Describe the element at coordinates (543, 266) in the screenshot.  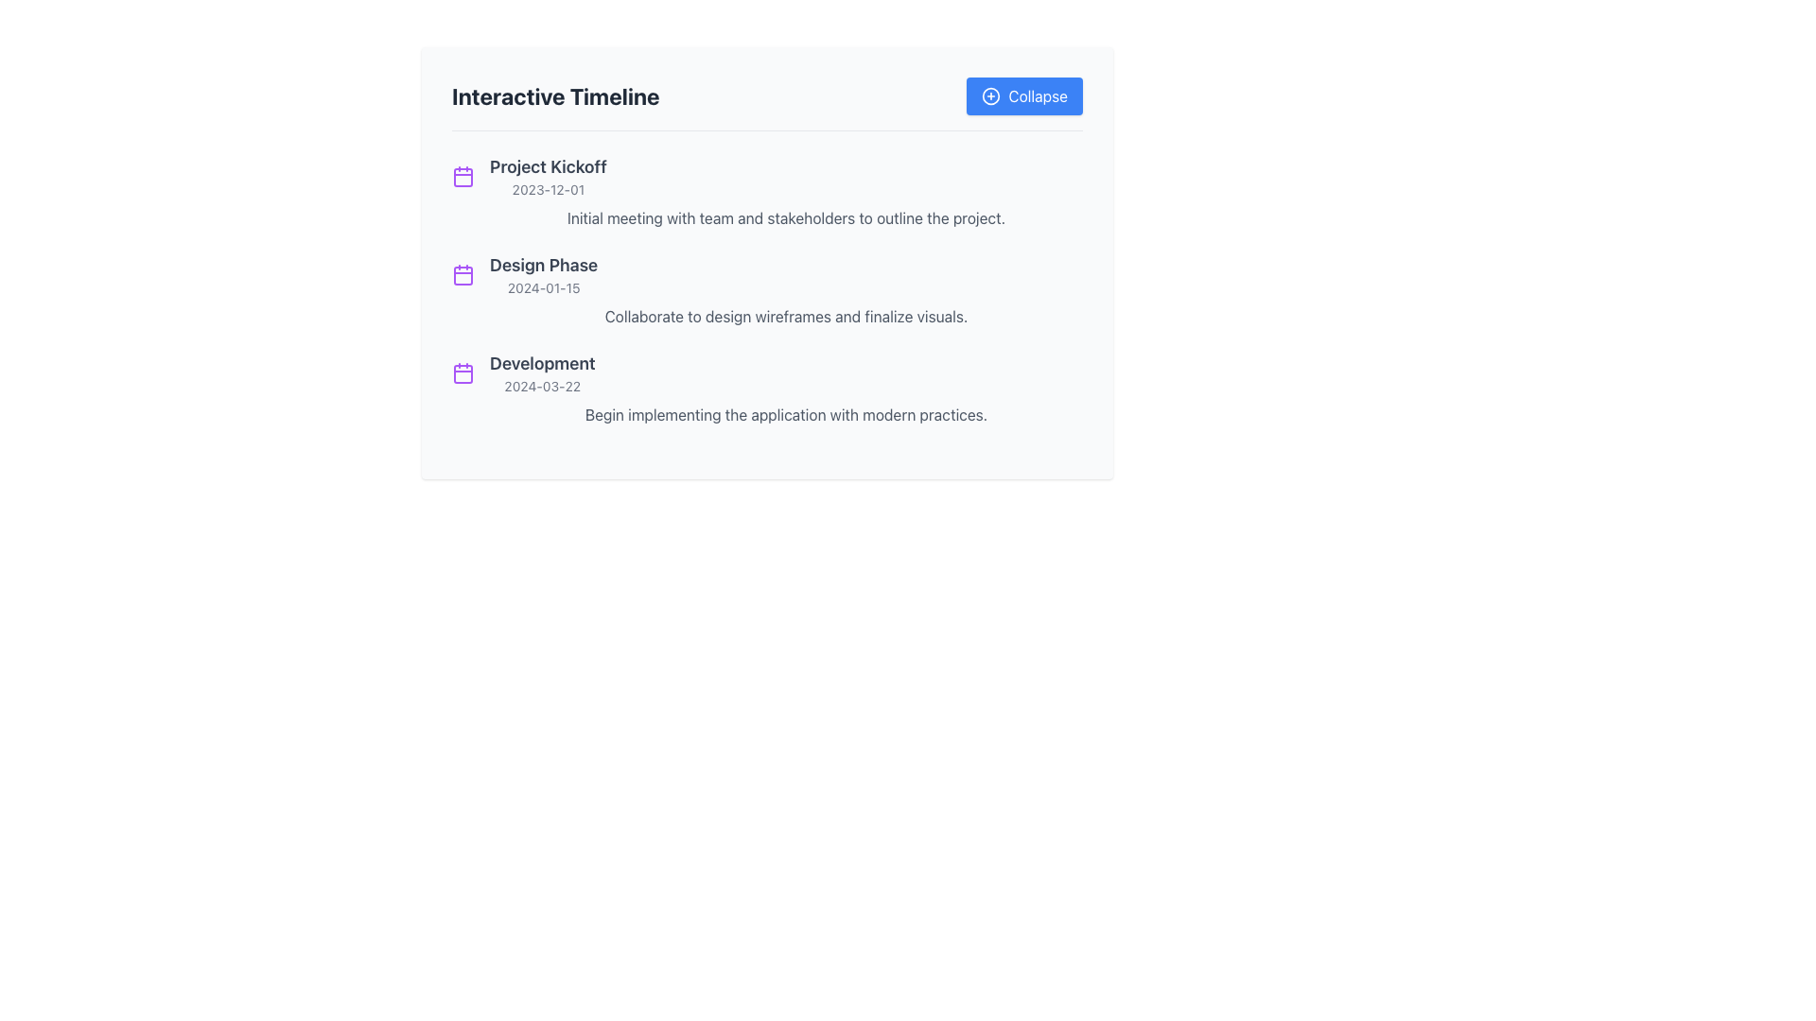
I see `the 'Design Phase' text label element located in the center region of the timeline view` at that location.